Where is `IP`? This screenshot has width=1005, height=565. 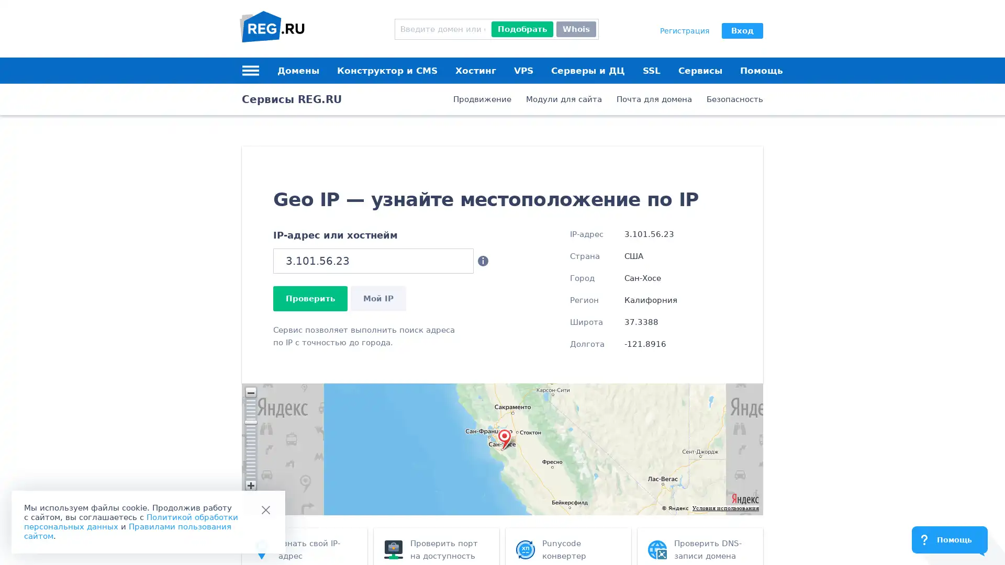
IP is located at coordinates (378, 298).